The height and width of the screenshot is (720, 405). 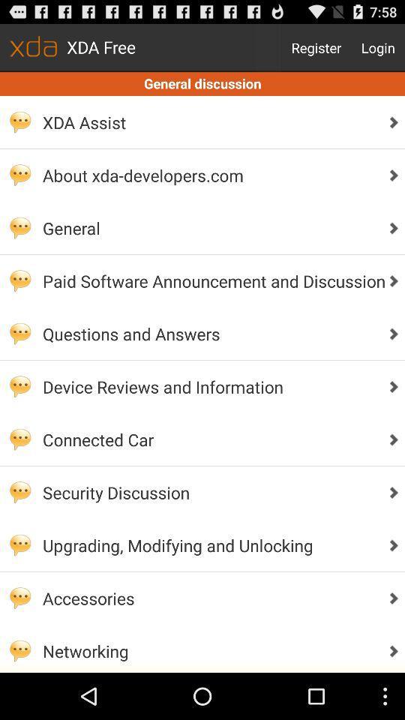 What do you see at coordinates (209, 598) in the screenshot?
I see `accessories` at bounding box center [209, 598].